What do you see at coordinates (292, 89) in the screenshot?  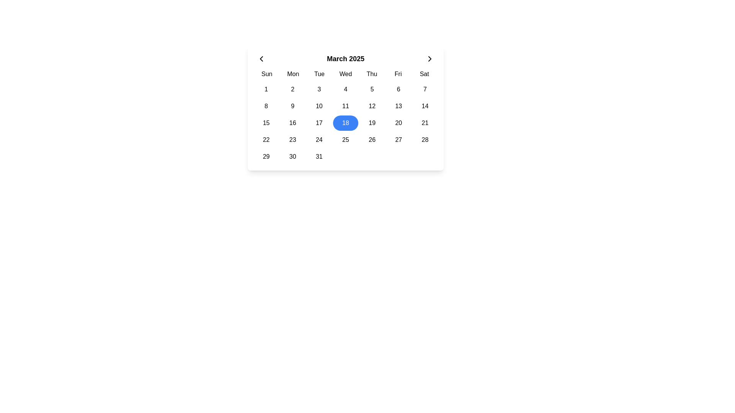 I see `the '2' button in the calendar interface` at bounding box center [292, 89].